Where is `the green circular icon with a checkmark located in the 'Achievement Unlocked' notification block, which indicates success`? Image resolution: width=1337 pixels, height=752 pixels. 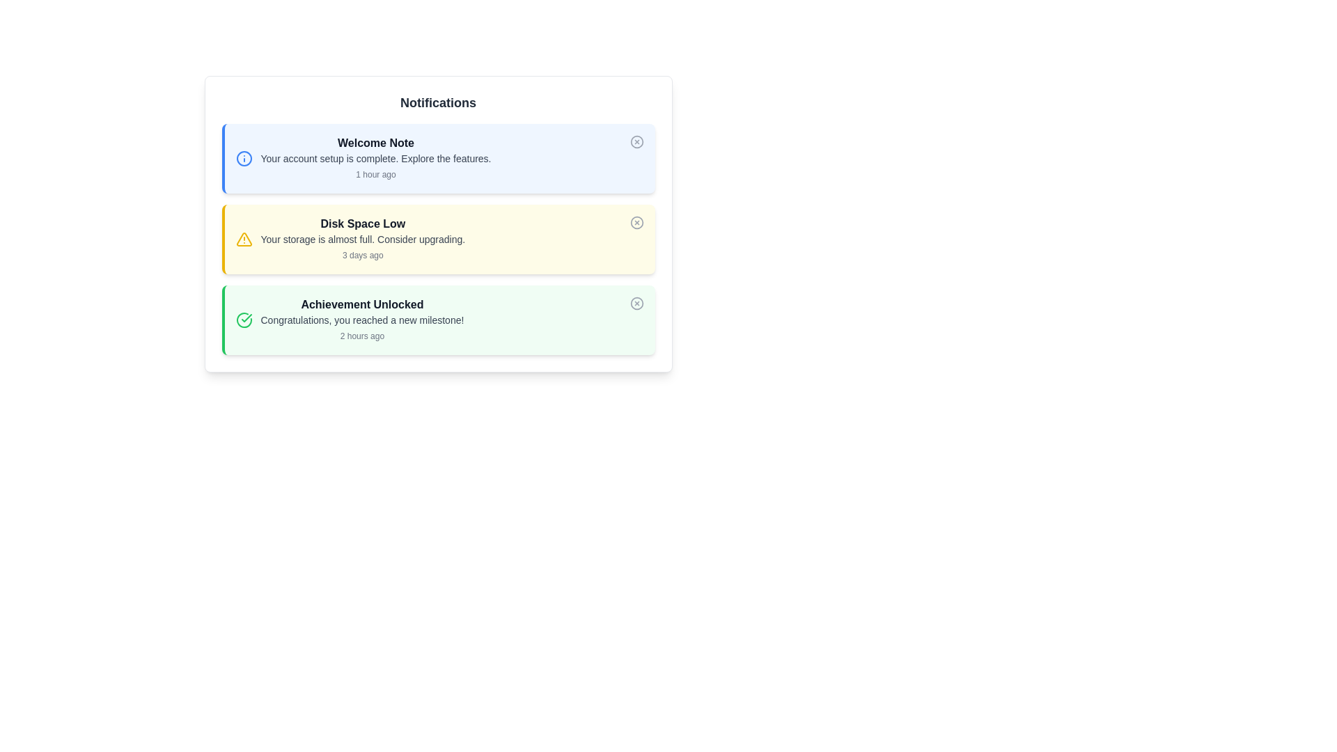
the green circular icon with a checkmark located in the 'Achievement Unlocked' notification block, which indicates success is located at coordinates (244, 320).